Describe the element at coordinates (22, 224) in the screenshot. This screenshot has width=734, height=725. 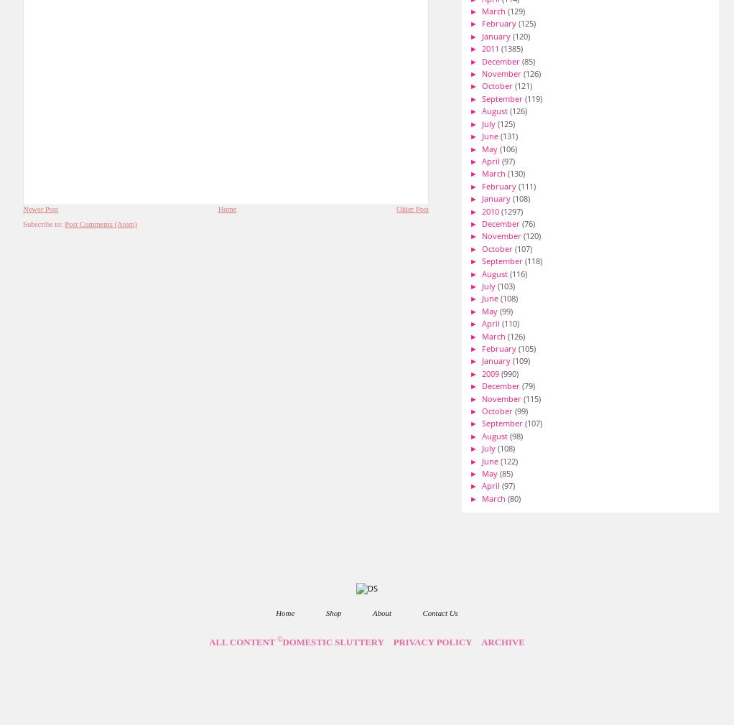
I see `'Subscribe to:'` at that location.